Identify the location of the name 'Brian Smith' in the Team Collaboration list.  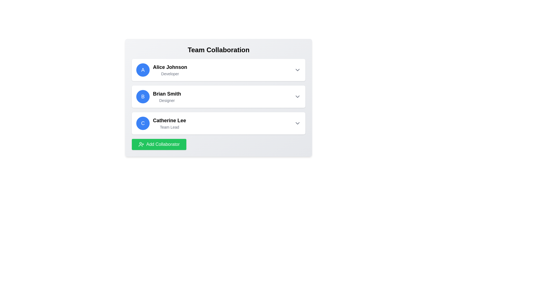
(158, 96).